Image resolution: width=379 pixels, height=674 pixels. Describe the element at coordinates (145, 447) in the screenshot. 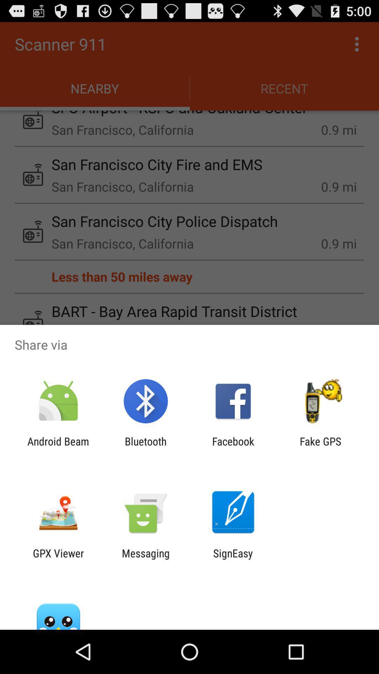

I see `the bluetooth item` at that location.